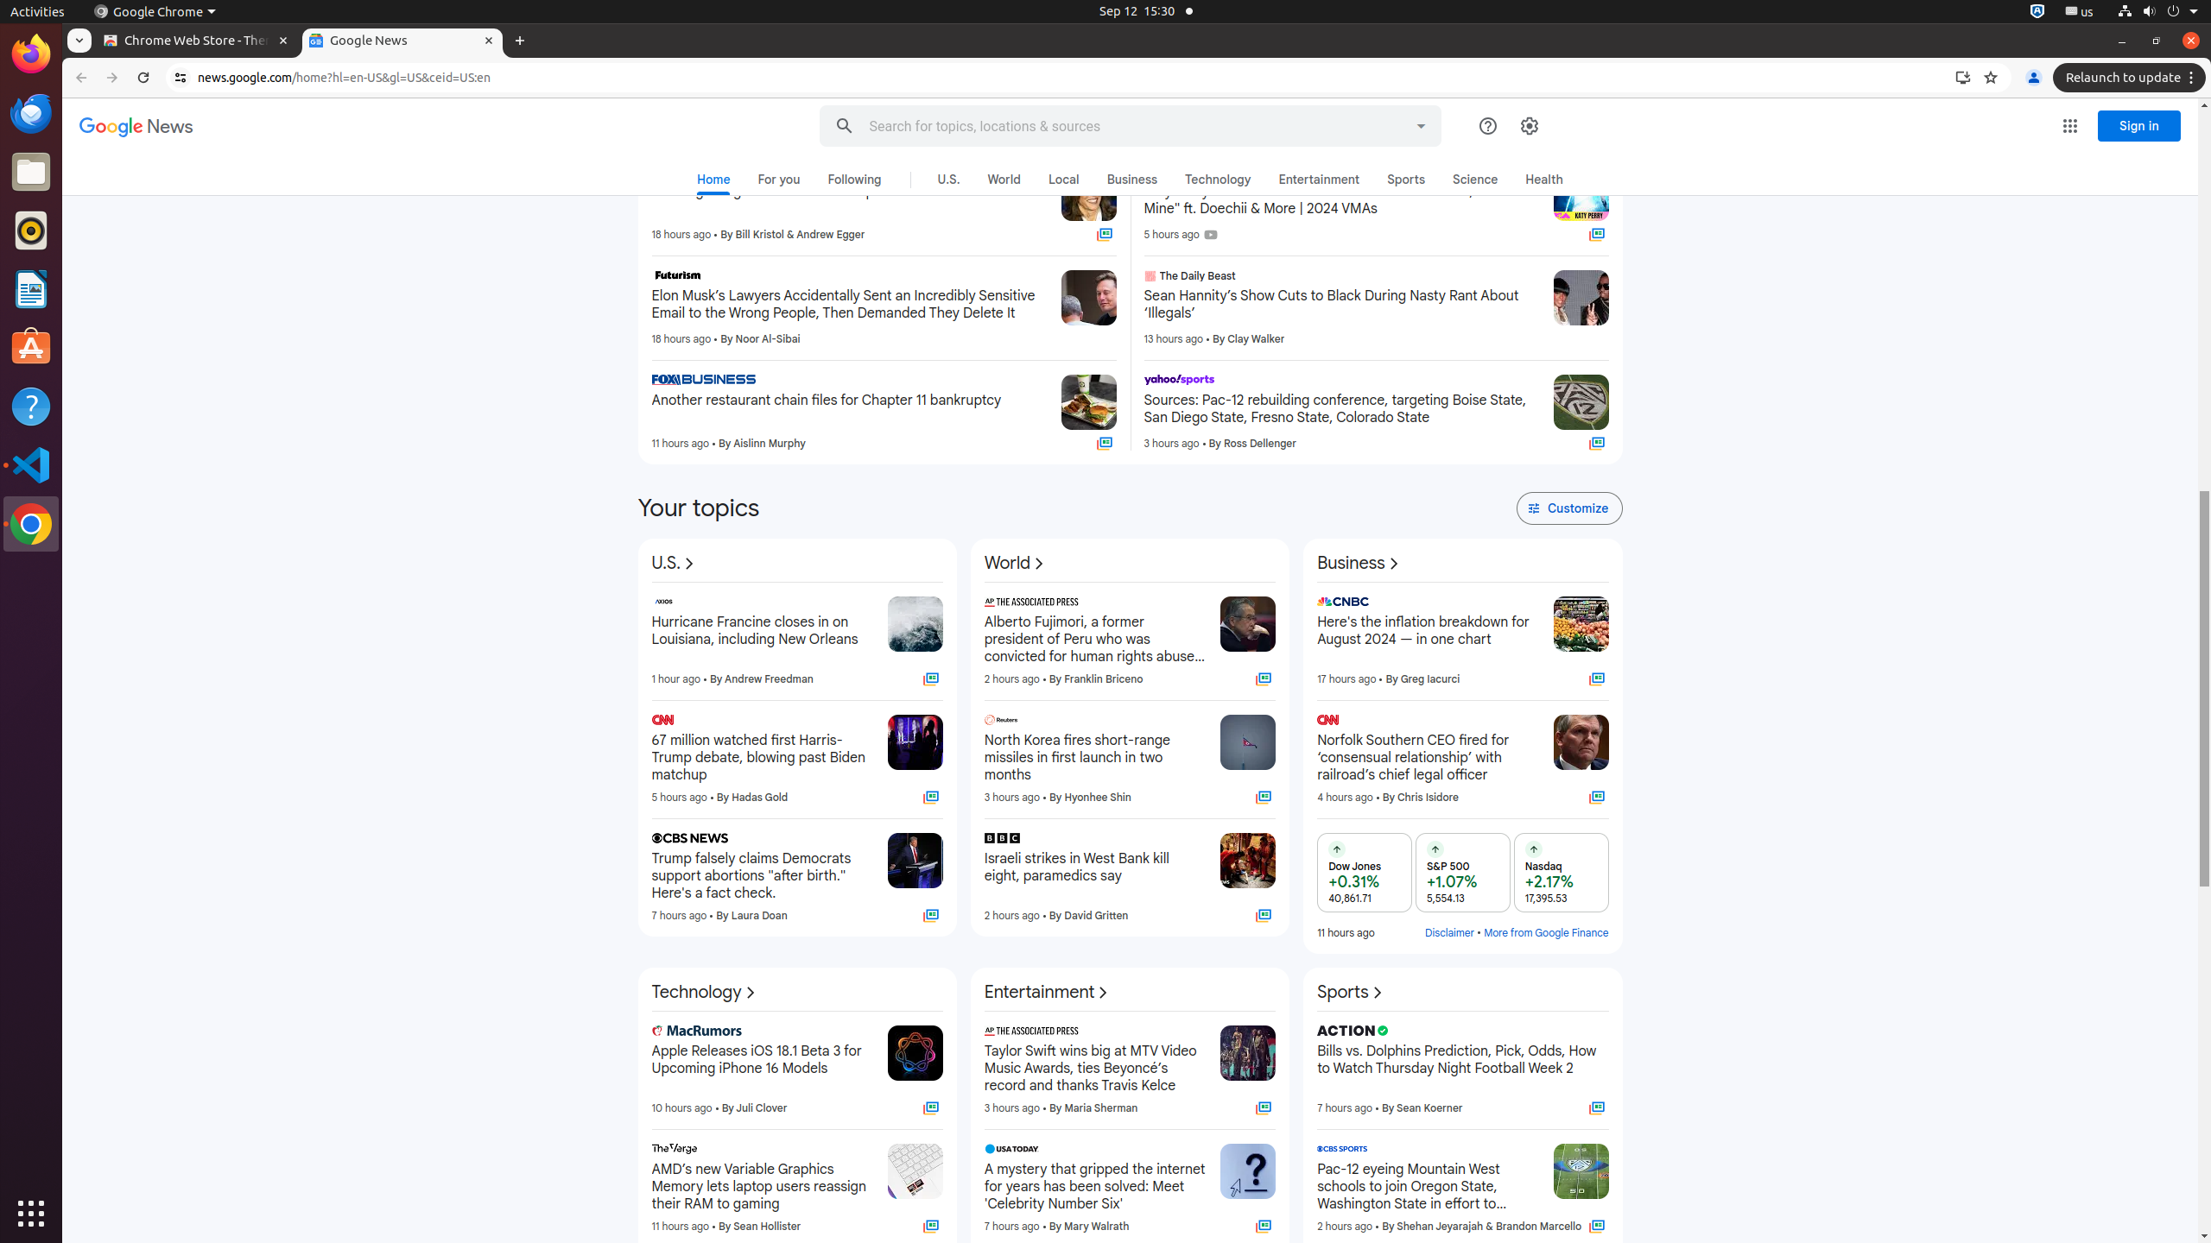 This screenshot has height=1243, width=2211. I want to click on 'Show Applications', so click(31, 1213).